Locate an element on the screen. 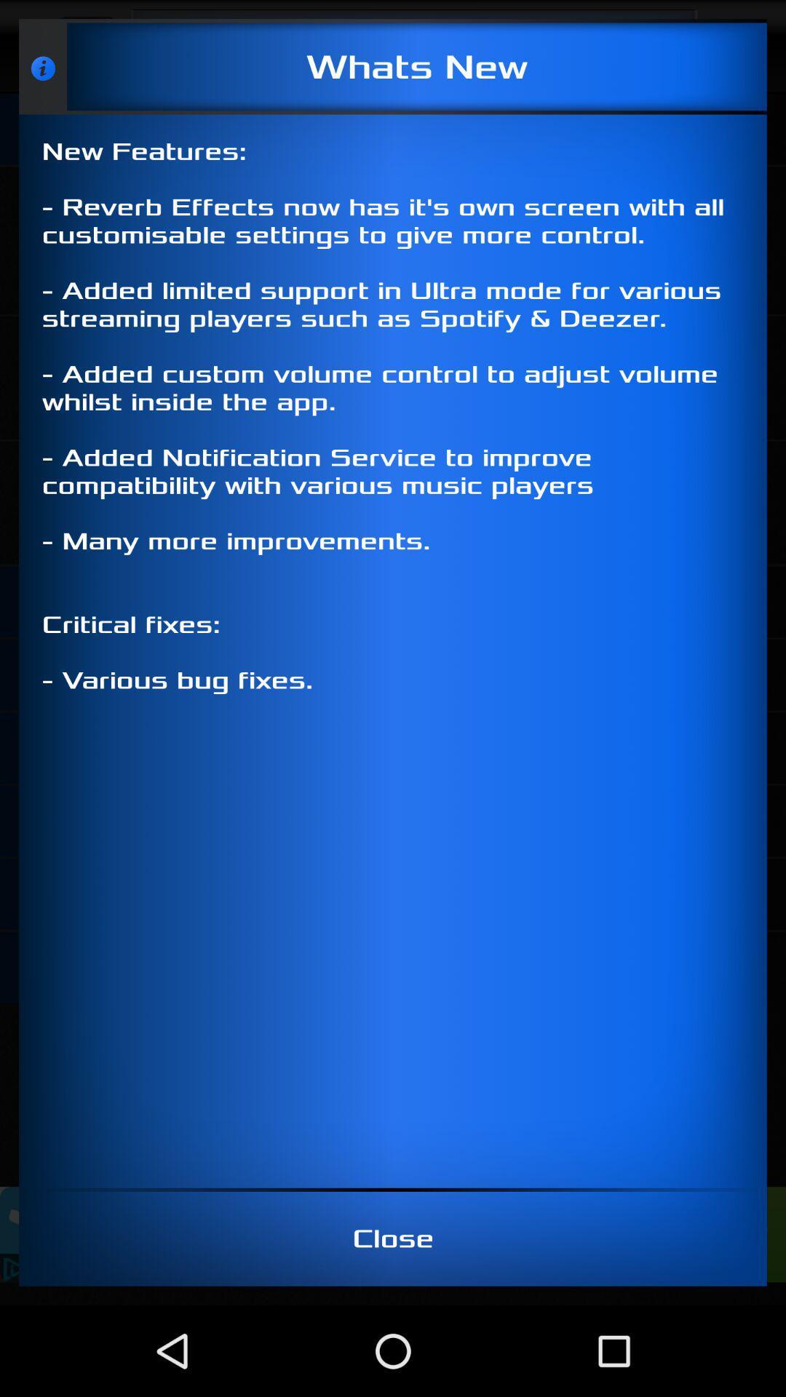  the new features reverb is located at coordinates (393, 650).